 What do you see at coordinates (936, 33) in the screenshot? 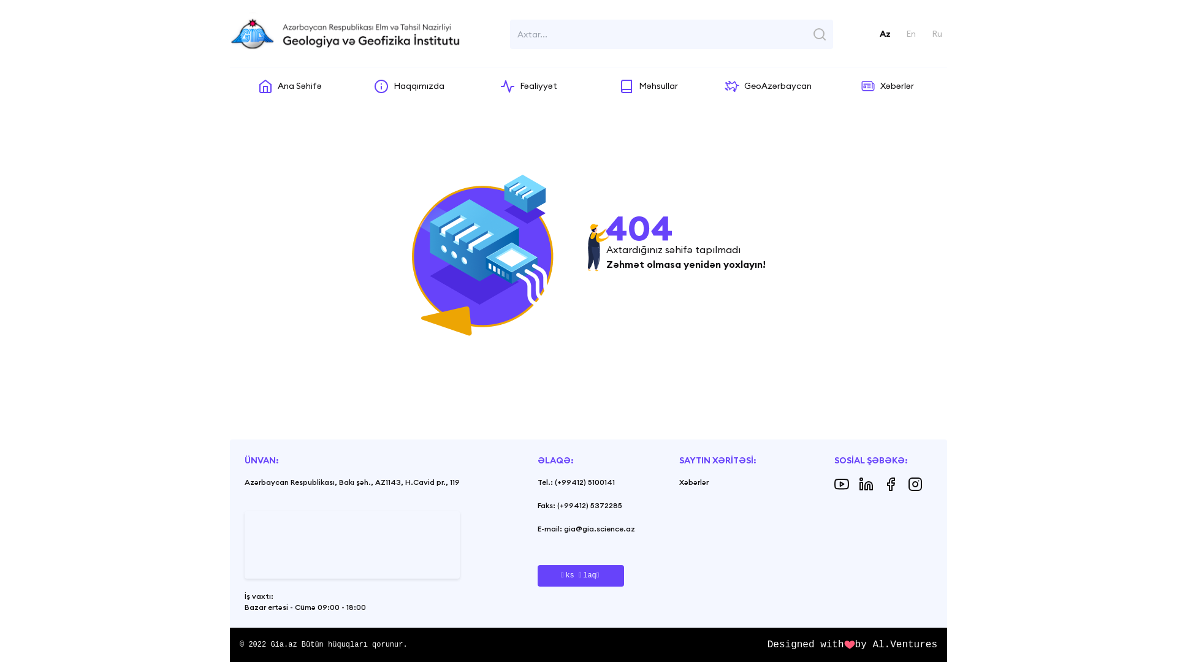
I see `'Ru'` at bounding box center [936, 33].